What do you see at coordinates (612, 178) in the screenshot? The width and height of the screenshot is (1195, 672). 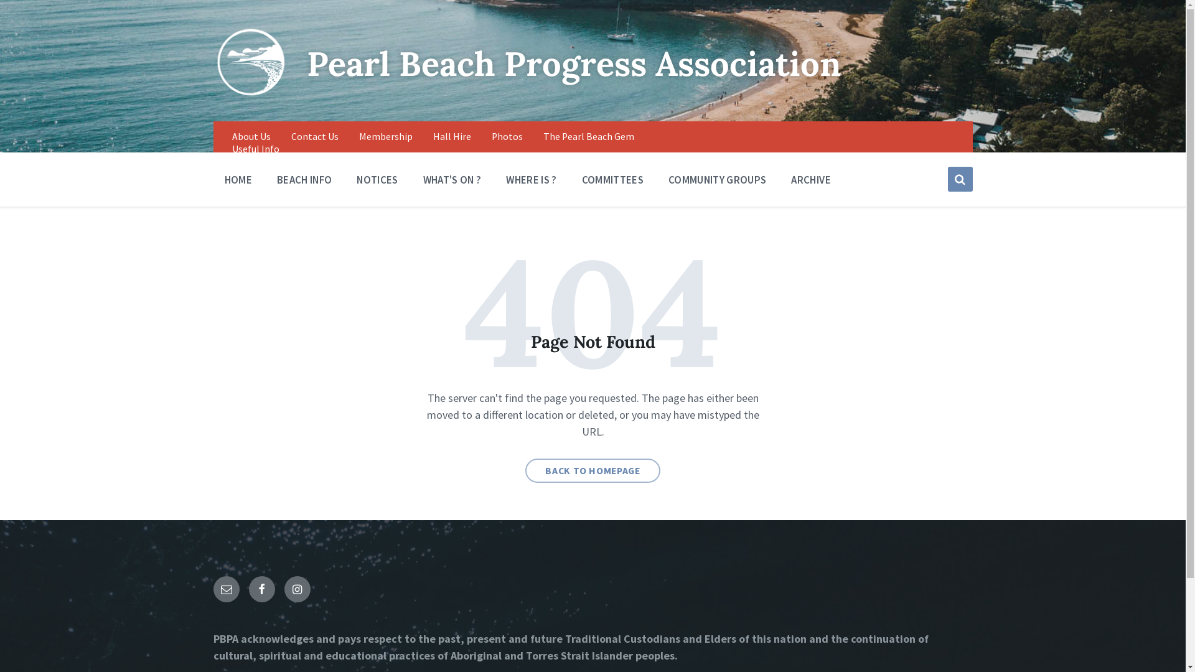 I see `'COMMITTEES'` at bounding box center [612, 178].